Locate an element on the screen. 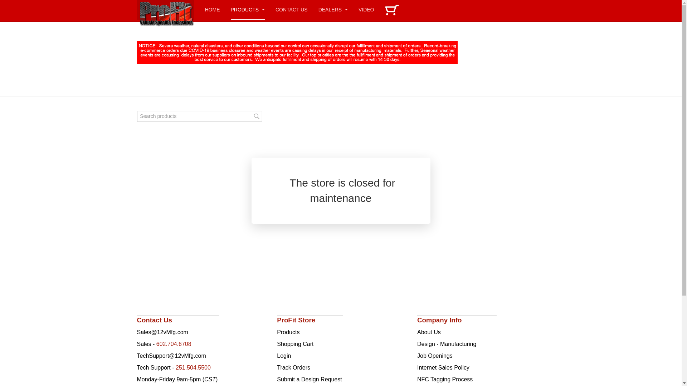 This screenshot has height=386, width=687. 'ProFit Sub Enclosures' is located at coordinates (137, 10).